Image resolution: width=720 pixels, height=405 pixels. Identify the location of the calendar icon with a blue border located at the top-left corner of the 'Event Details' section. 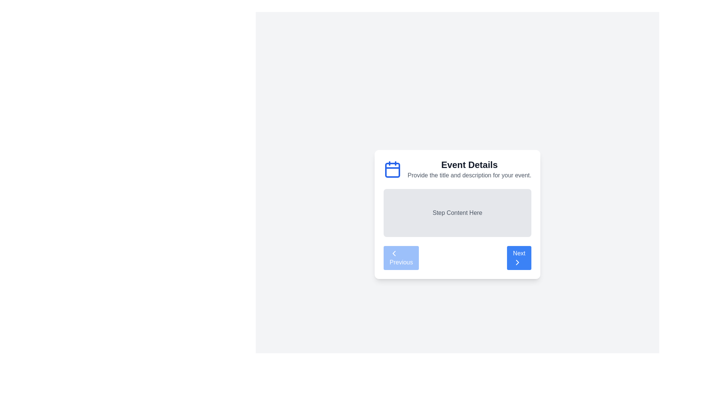
(392, 169).